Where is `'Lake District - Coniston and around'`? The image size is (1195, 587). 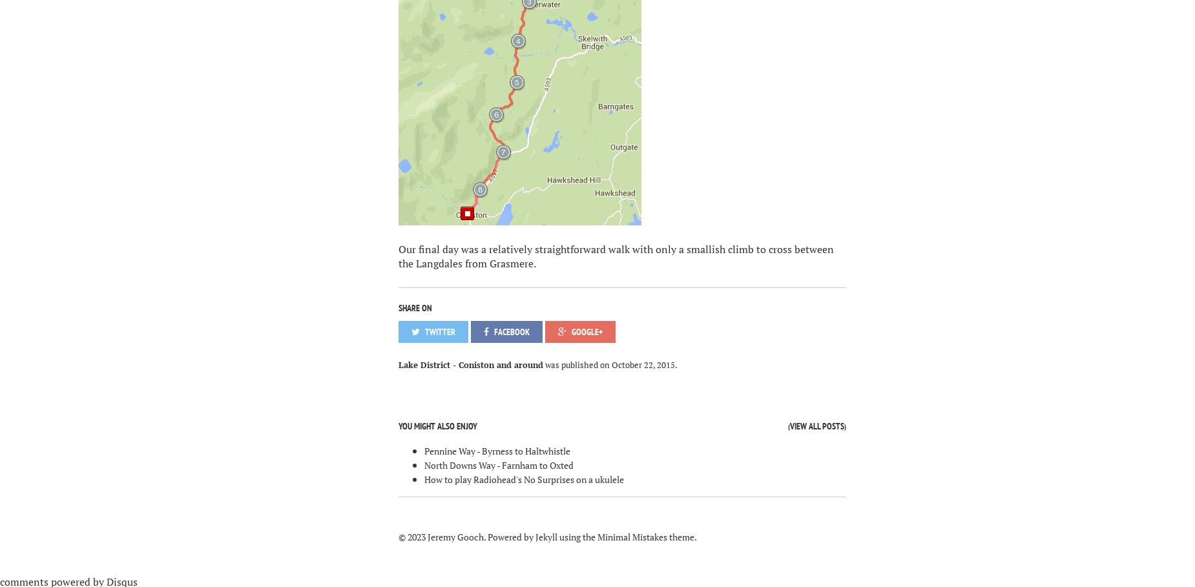 'Lake District - Coniston and around' is located at coordinates (470, 364).